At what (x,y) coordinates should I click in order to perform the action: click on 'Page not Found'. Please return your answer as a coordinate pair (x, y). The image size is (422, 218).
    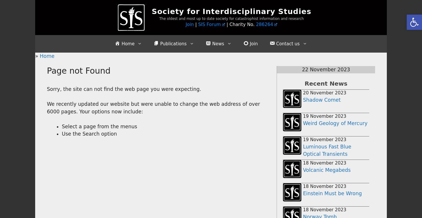
    Looking at the image, I should click on (78, 70).